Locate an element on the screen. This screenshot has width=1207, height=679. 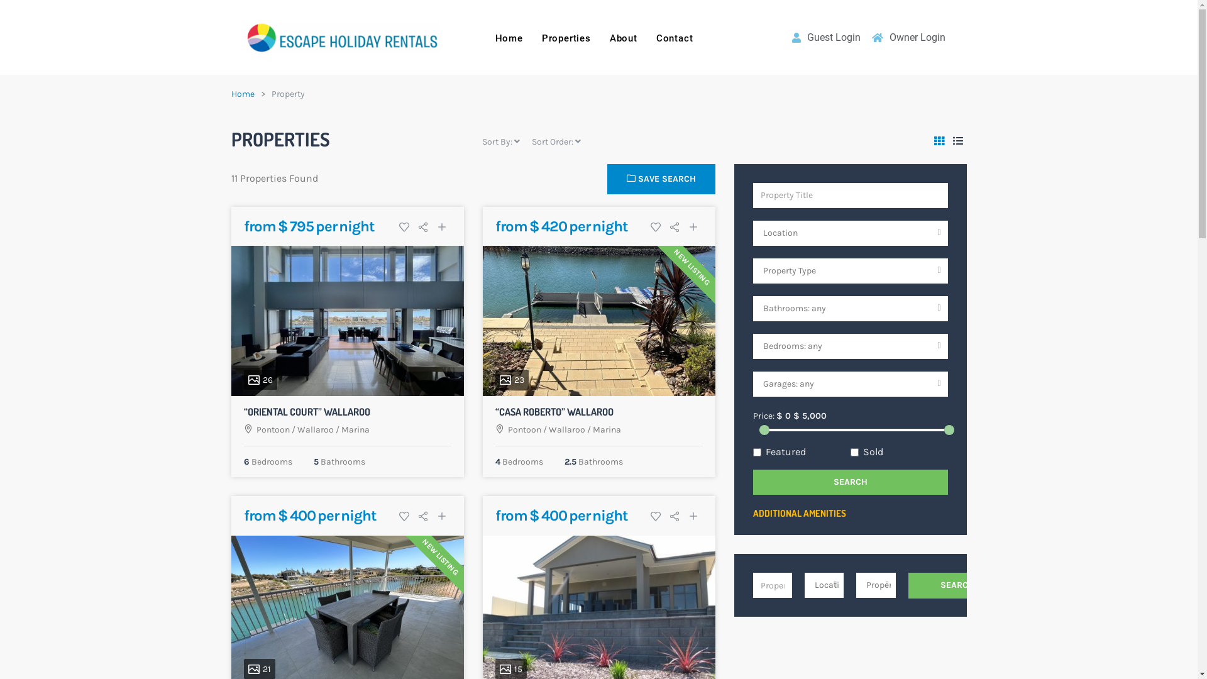
'Guest Login' is located at coordinates (787, 37).